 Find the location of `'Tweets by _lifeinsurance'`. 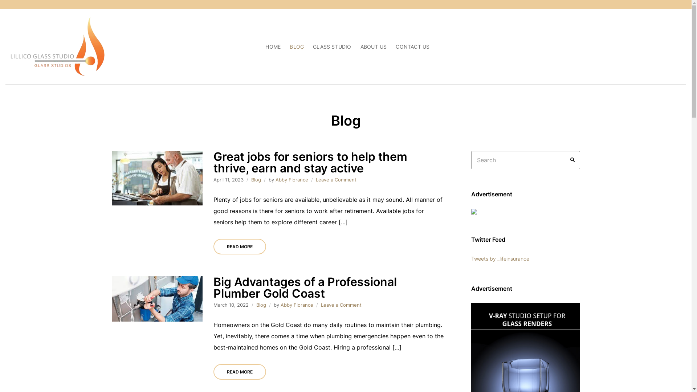

'Tweets by _lifeinsurance' is located at coordinates (471, 258).